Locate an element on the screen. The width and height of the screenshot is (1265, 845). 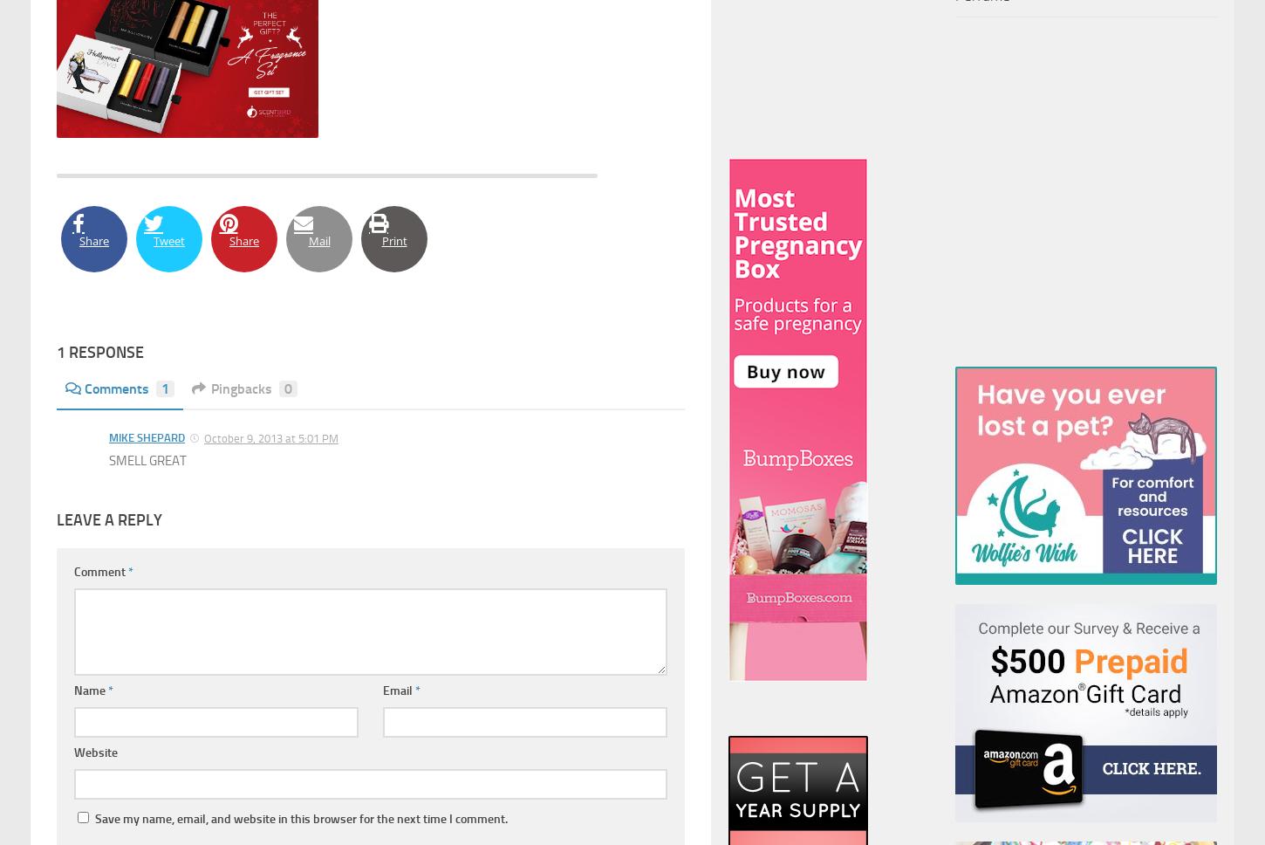
'Pingbacks' is located at coordinates (241, 388).